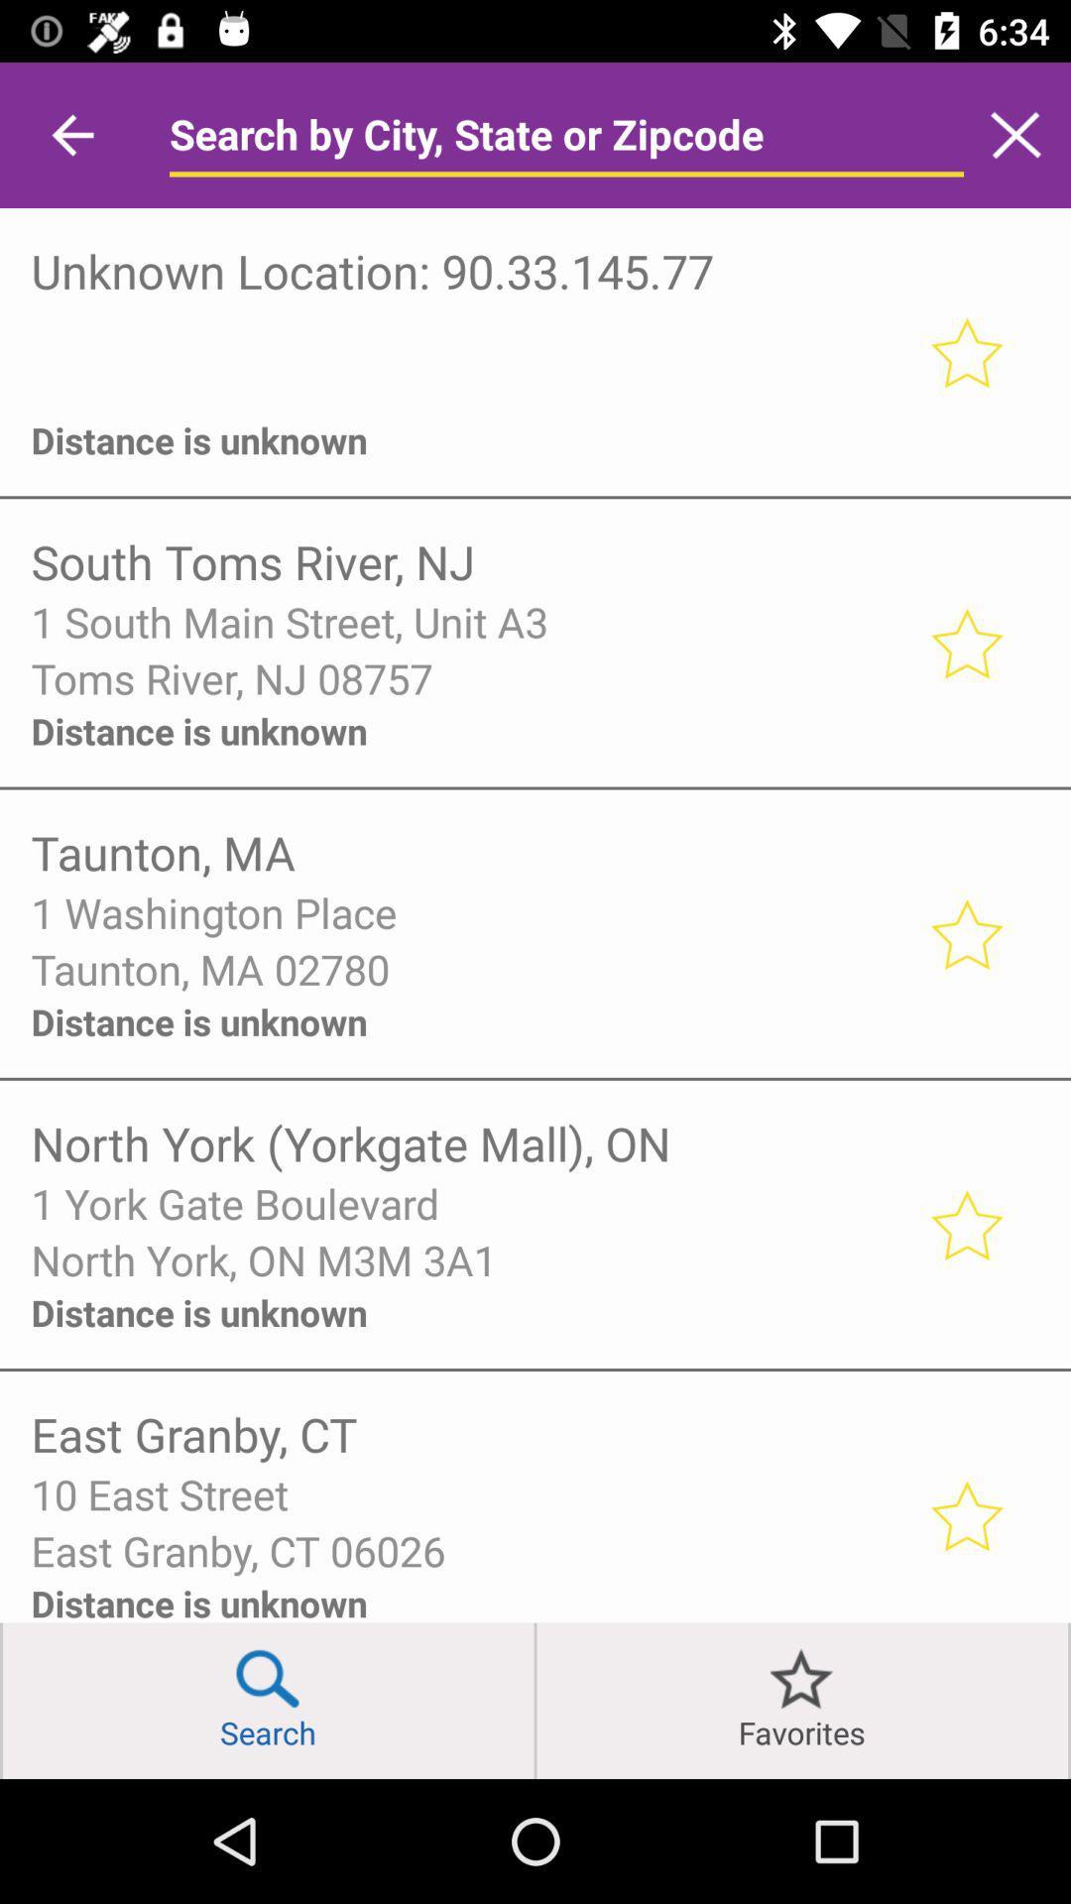  I want to click on interested to participation, so click(965, 932).